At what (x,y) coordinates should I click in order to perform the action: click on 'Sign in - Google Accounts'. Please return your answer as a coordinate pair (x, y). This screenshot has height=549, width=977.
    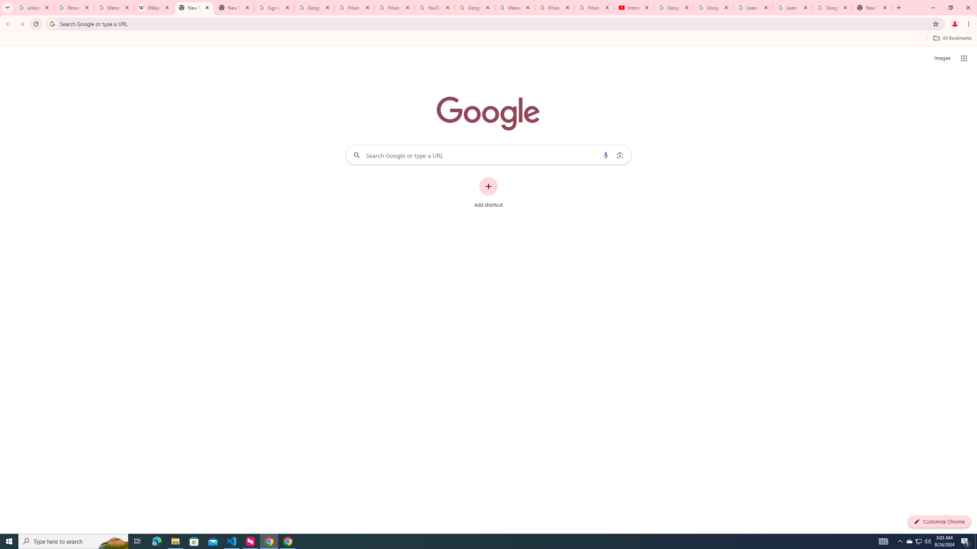
    Looking at the image, I should click on (274, 7).